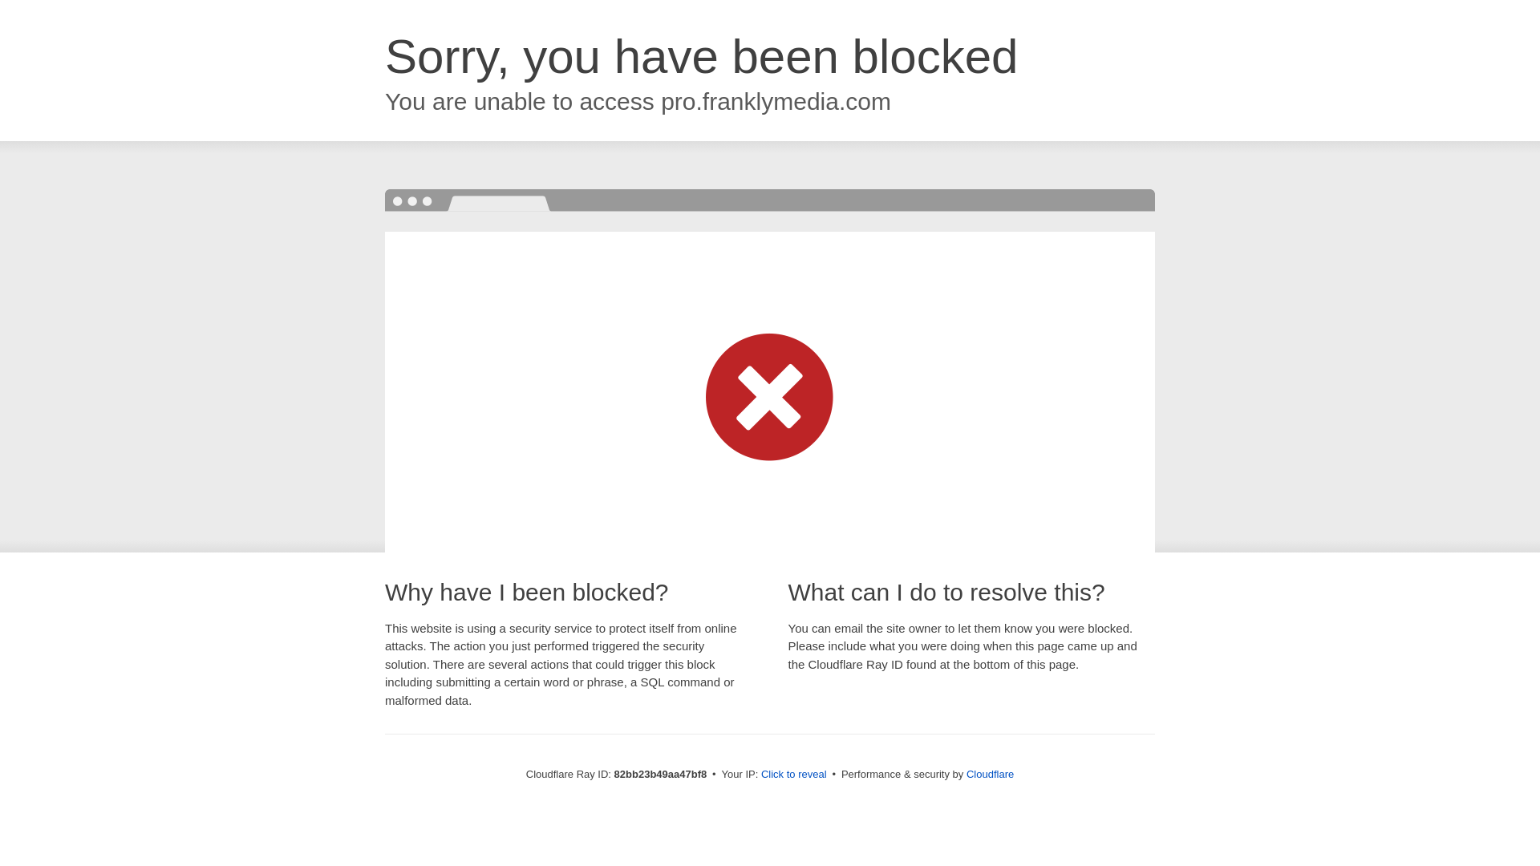 This screenshot has height=866, width=1540. What do you see at coordinates (793, 773) in the screenshot?
I see `'Click to reveal'` at bounding box center [793, 773].